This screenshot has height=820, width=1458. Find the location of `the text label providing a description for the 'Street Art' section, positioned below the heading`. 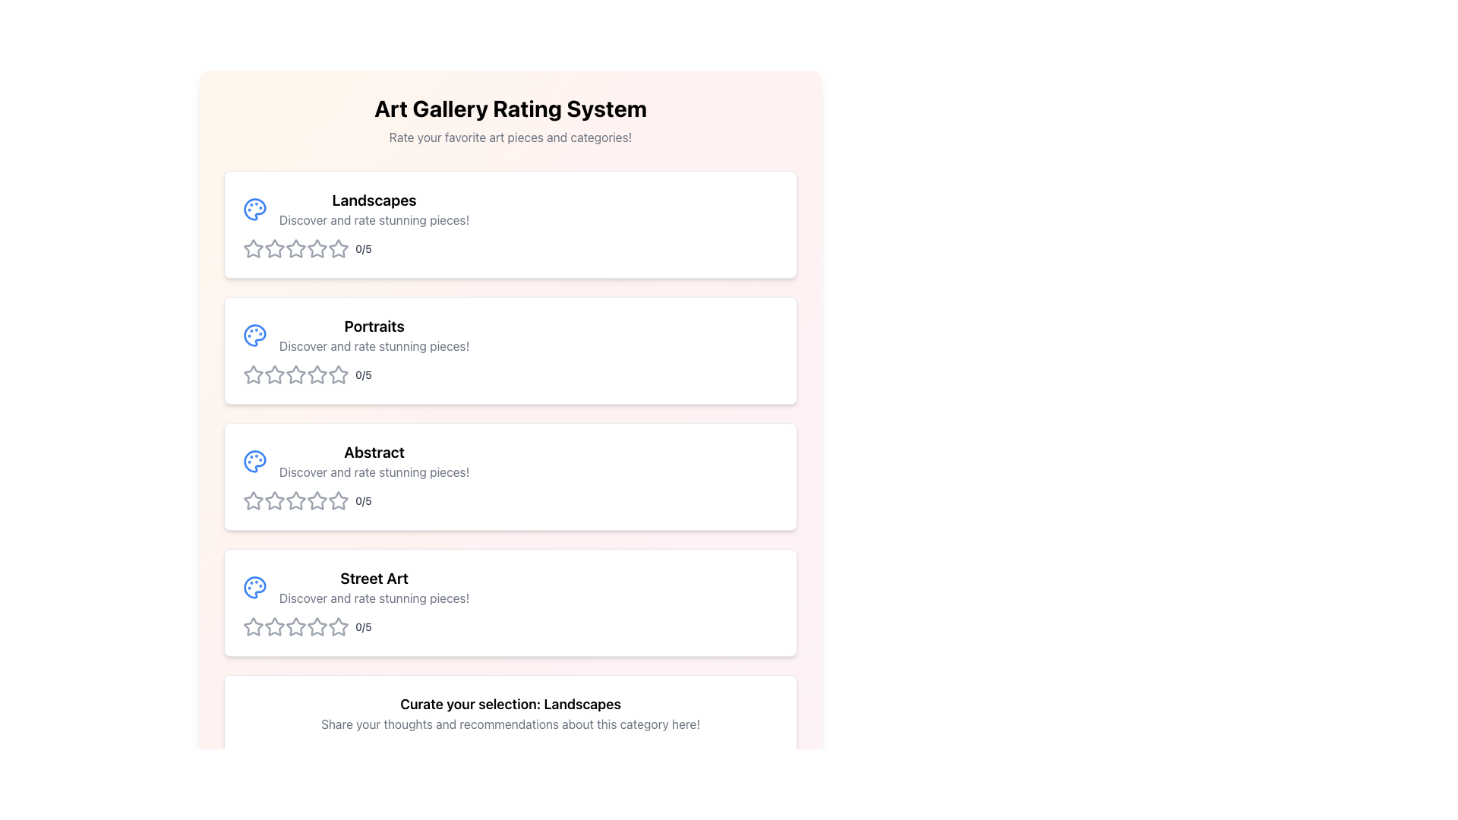

the text label providing a description for the 'Street Art' section, positioned below the heading is located at coordinates (374, 597).